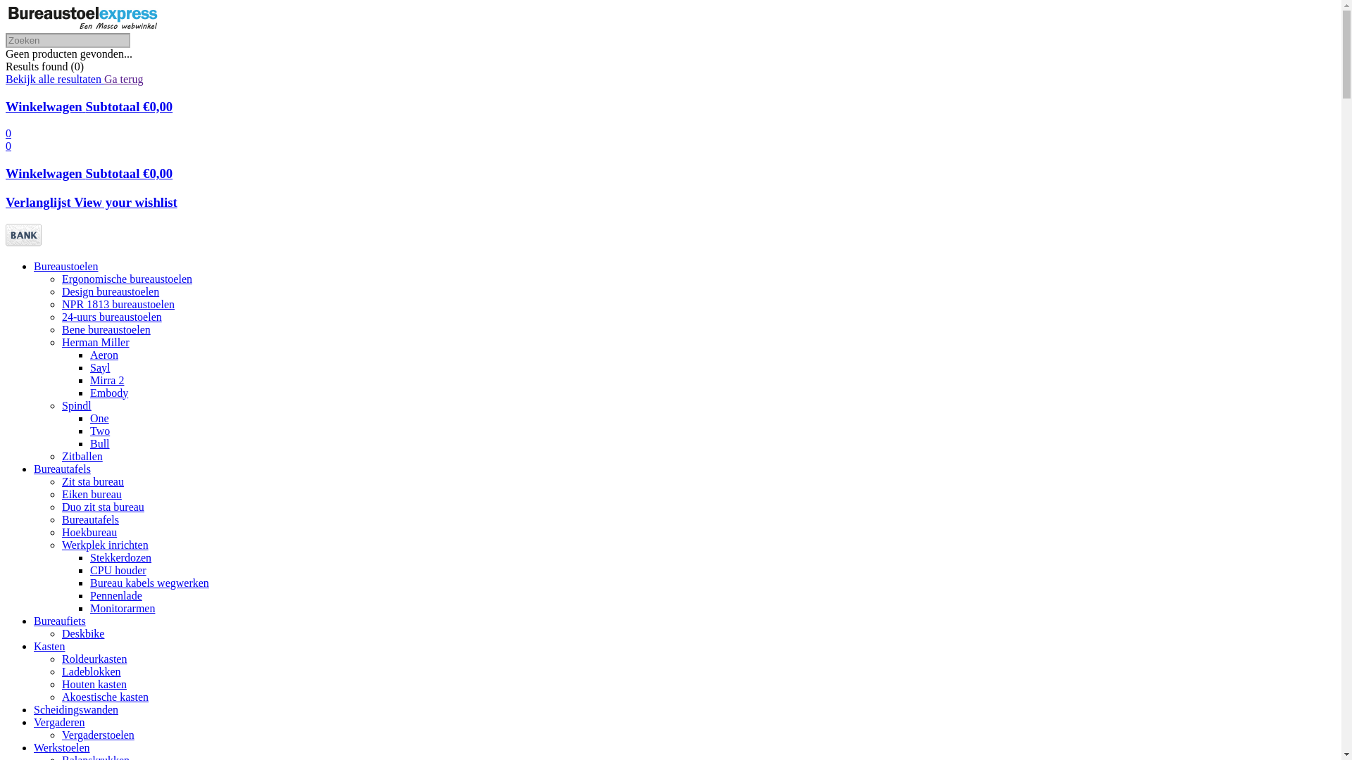  Describe the element at coordinates (106, 380) in the screenshot. I see `'Mirra 2'` at that location.